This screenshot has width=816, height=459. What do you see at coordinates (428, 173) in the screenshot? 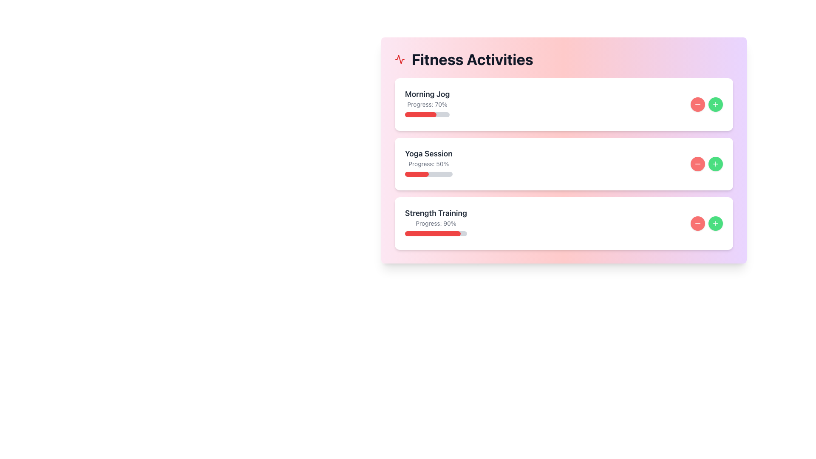
I see `the filled part of the horizontal progress bar located in the 'Yoga Session' section to inspect the progress, which is represented by the red fill indicating 50% completion` at bounding box center [428, 173].